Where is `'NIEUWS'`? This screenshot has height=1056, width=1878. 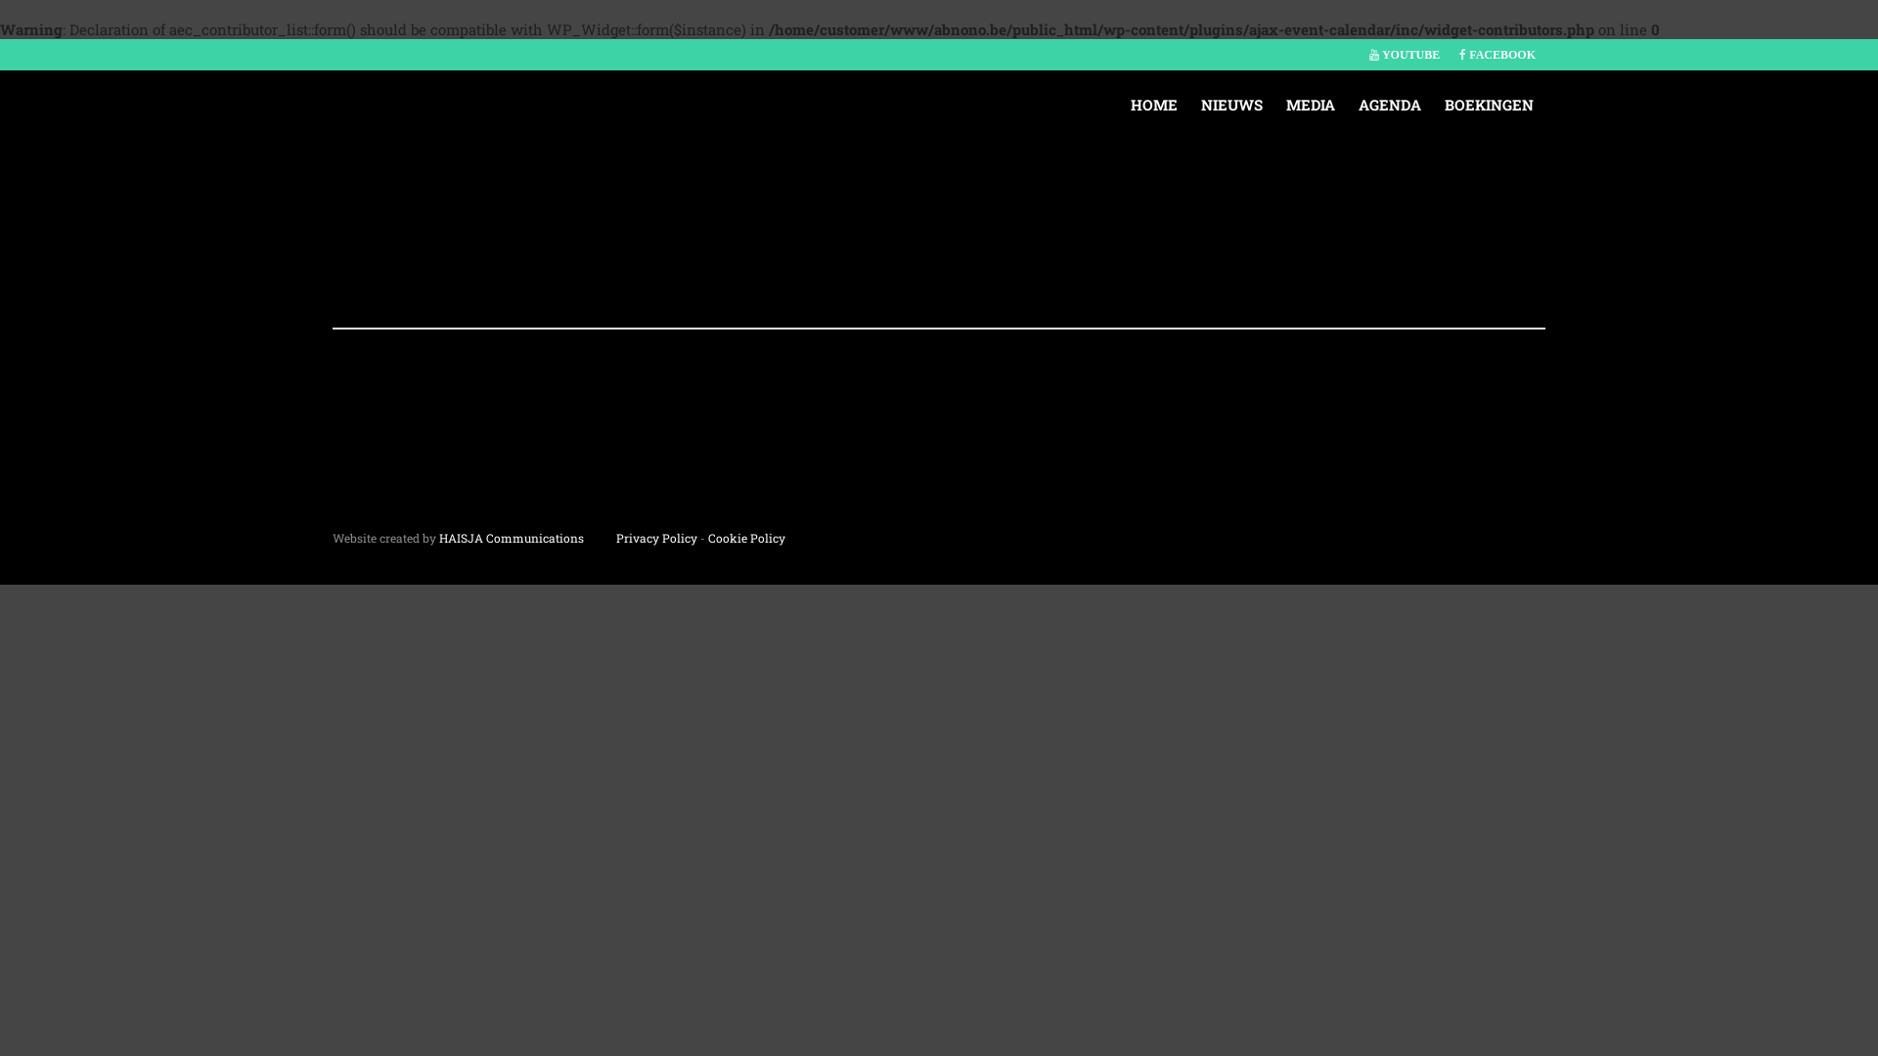 'NIEUWS' is located at coordinates (1230, 105).